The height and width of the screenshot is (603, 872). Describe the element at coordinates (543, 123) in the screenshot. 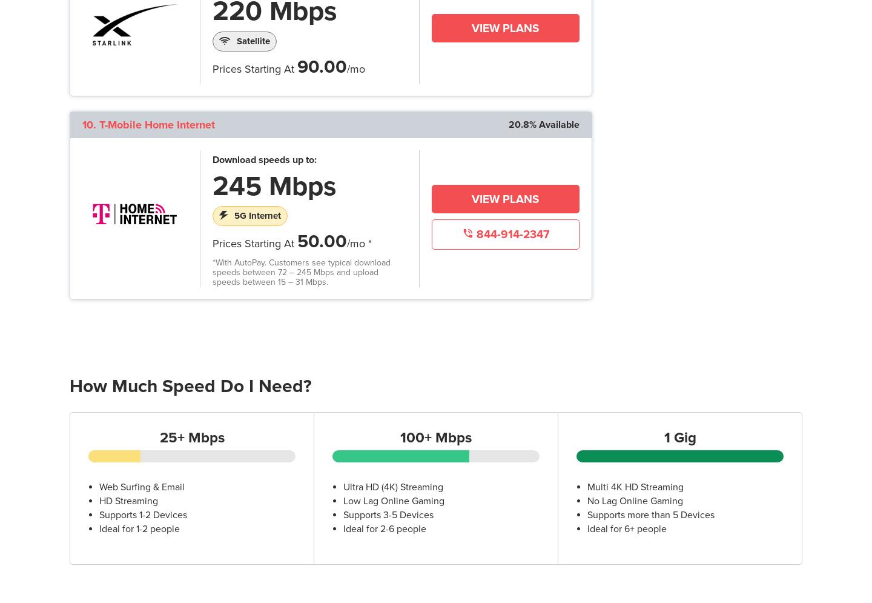

I see `'20.8% Available'` at that location.